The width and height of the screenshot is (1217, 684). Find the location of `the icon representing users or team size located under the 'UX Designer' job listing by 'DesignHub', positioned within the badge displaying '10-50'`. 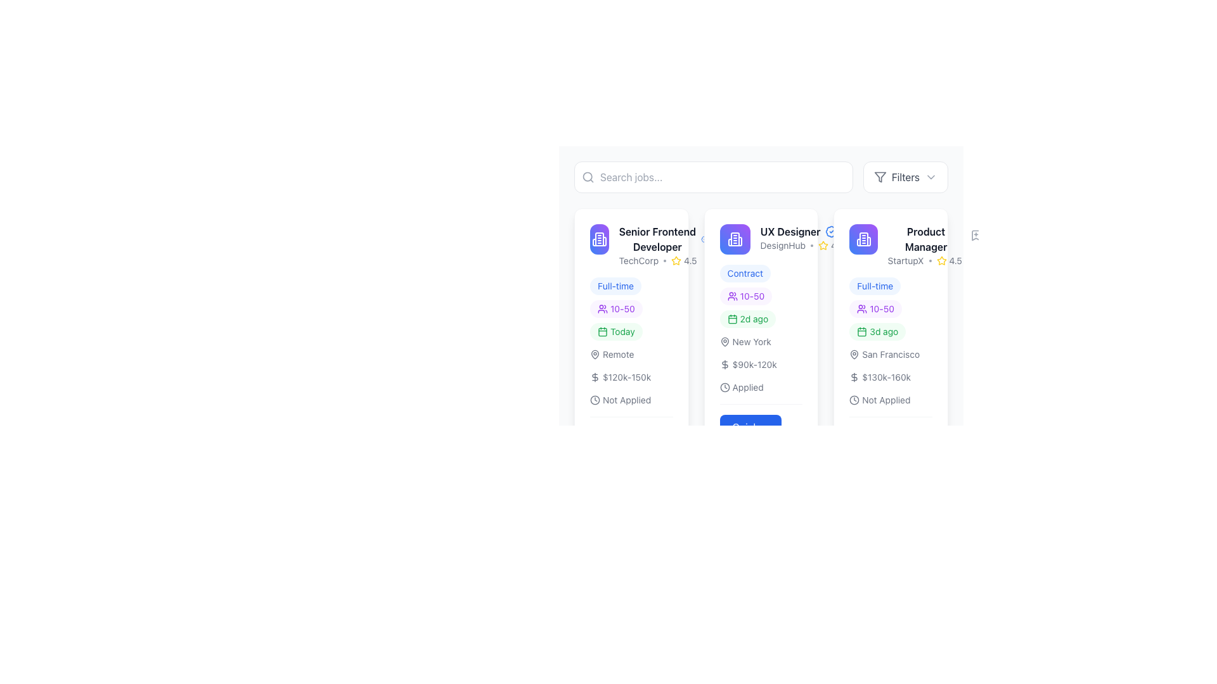

the icon representing users or team size located under the 'UX Designer' job listing by 'DesignHub', positioned within the badge displaying '10-50' is located at coordinates (602, 599).